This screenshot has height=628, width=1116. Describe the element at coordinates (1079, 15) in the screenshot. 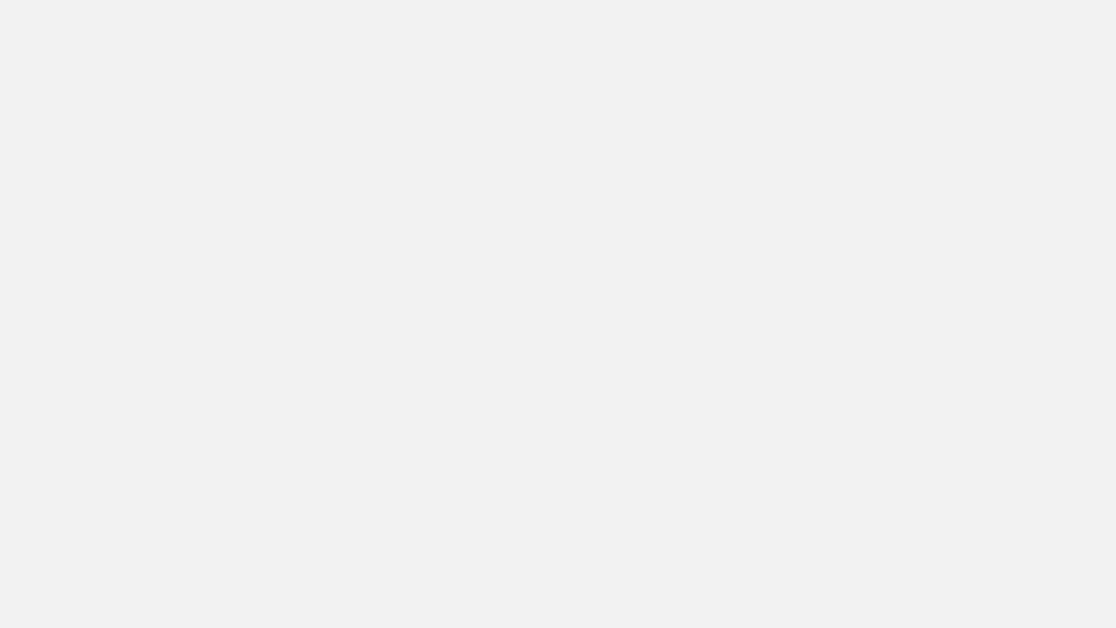

I see `Sign In` at that location.